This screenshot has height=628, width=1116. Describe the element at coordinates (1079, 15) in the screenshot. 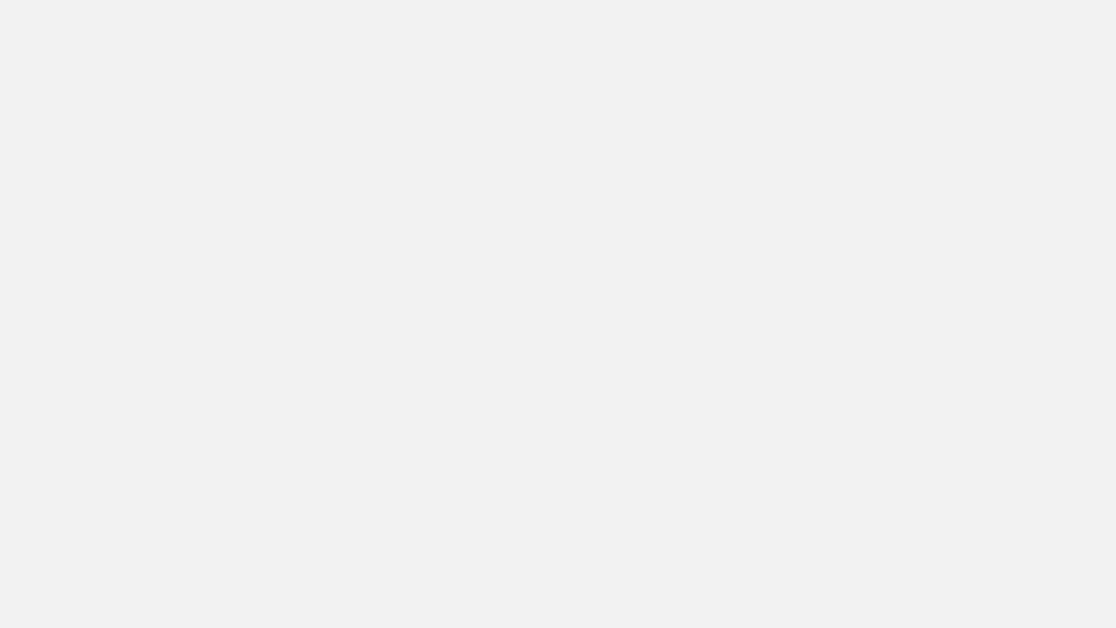

I see `Sign In` at that location.